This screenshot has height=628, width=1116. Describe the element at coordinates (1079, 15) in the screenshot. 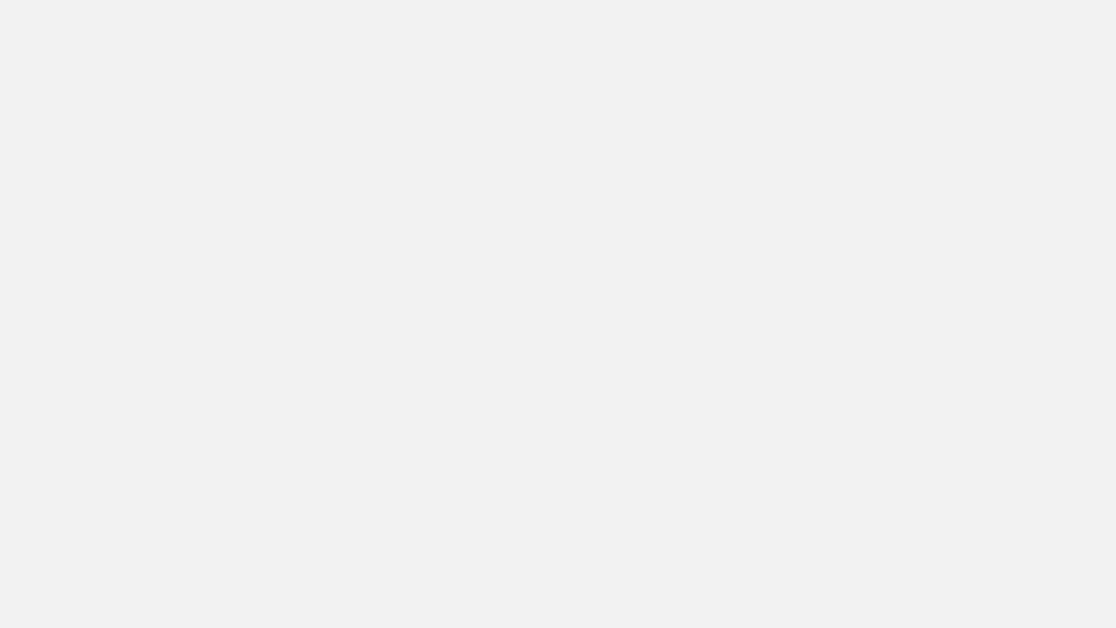

I see `Sign In` at that location.